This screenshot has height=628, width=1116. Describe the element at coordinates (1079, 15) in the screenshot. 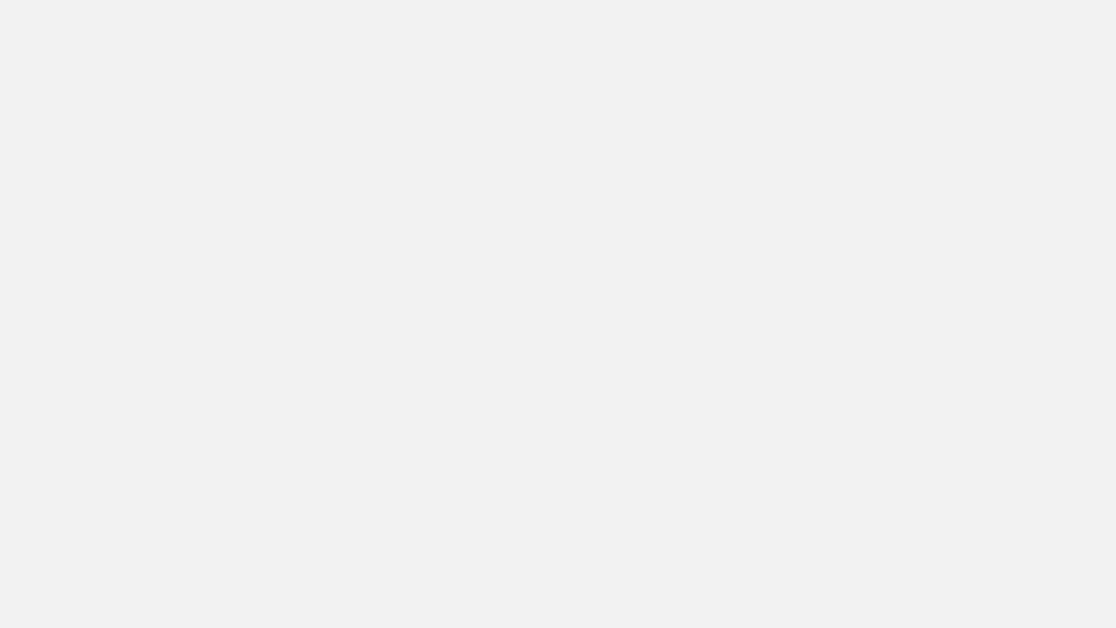

I see `Sign In` at that location.